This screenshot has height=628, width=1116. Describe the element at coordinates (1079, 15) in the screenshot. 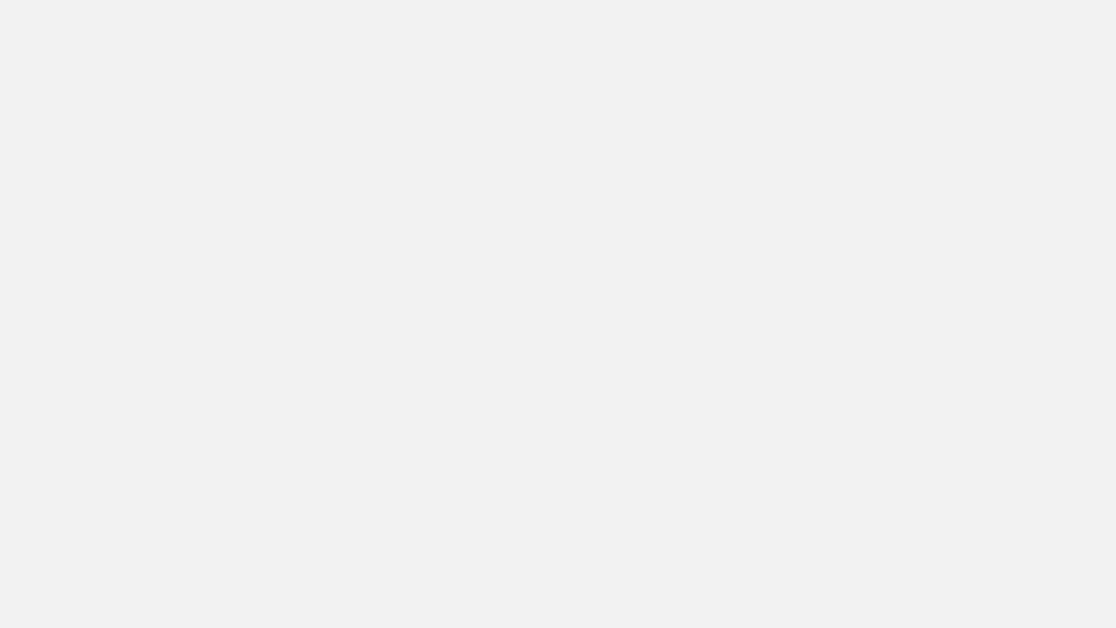

I see `Sign In` at that location.